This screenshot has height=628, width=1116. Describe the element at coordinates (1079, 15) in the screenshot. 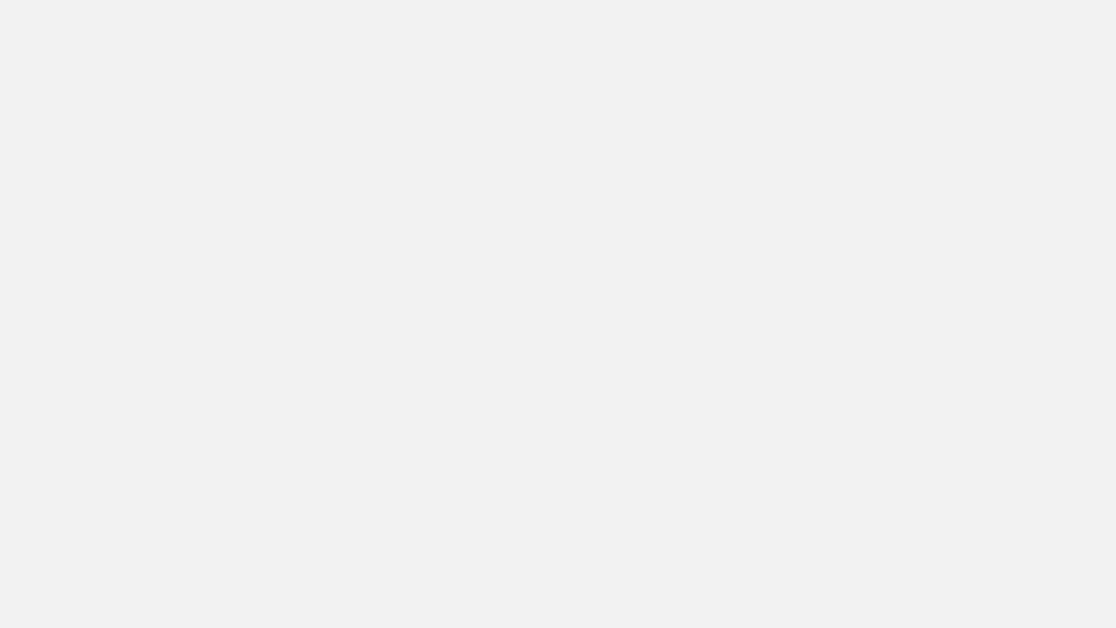

I see `Sign In` at that location.